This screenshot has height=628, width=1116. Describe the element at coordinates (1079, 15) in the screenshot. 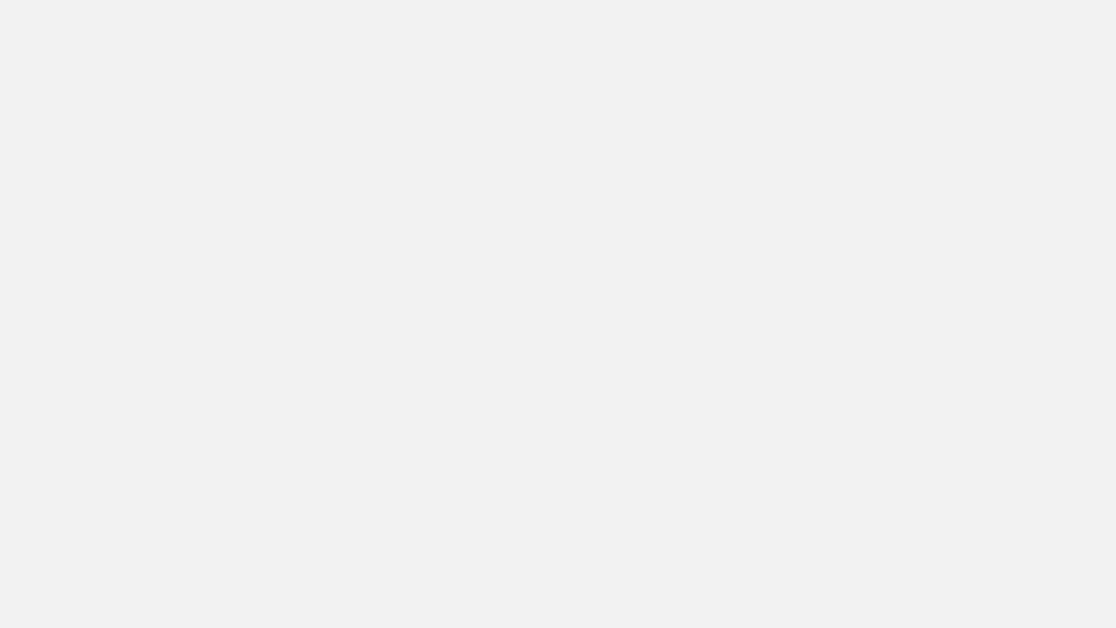

I see `Sign In` at that location.